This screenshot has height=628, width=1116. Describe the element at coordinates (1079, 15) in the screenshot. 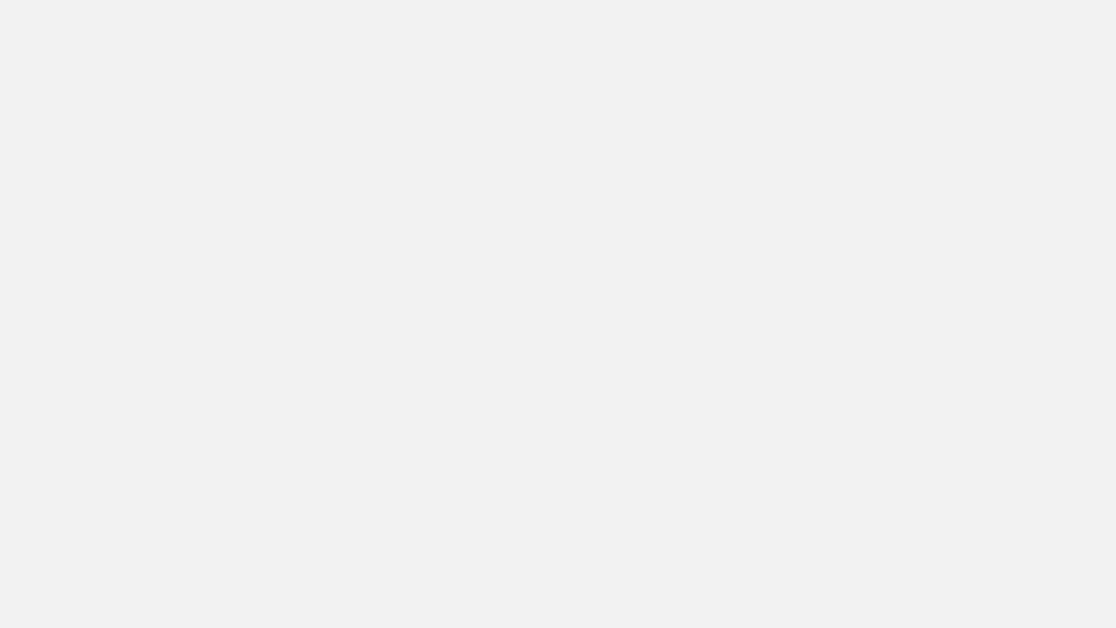

I see `Sign In` at that location.